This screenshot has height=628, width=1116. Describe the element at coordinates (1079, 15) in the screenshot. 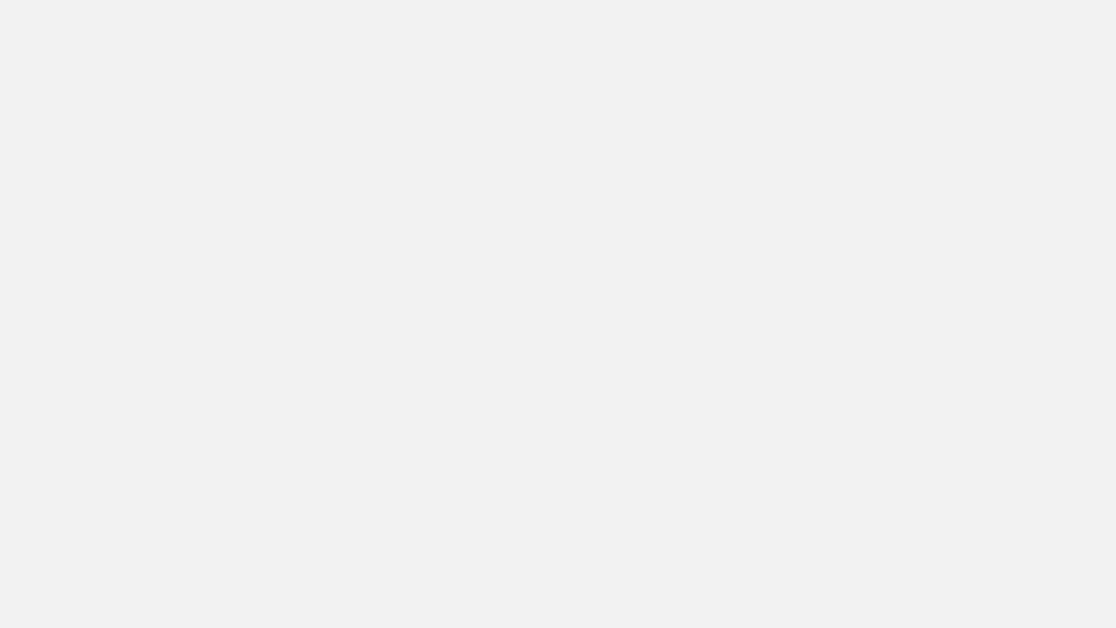

I see `Sign In` at that location.